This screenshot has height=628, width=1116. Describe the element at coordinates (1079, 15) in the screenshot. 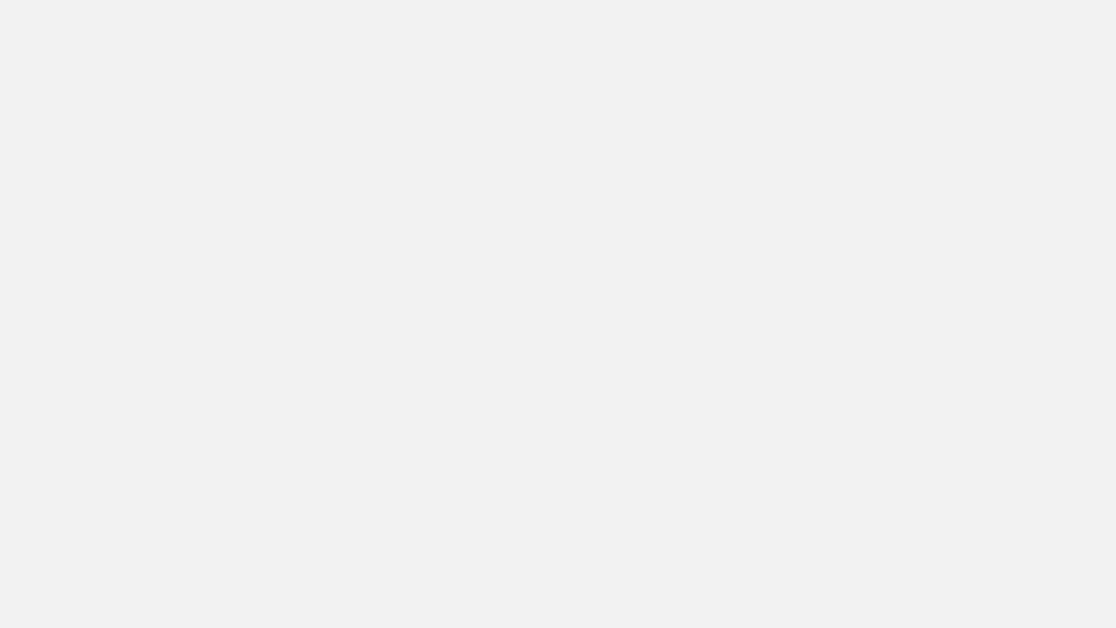

I see `Sign In` at that location.